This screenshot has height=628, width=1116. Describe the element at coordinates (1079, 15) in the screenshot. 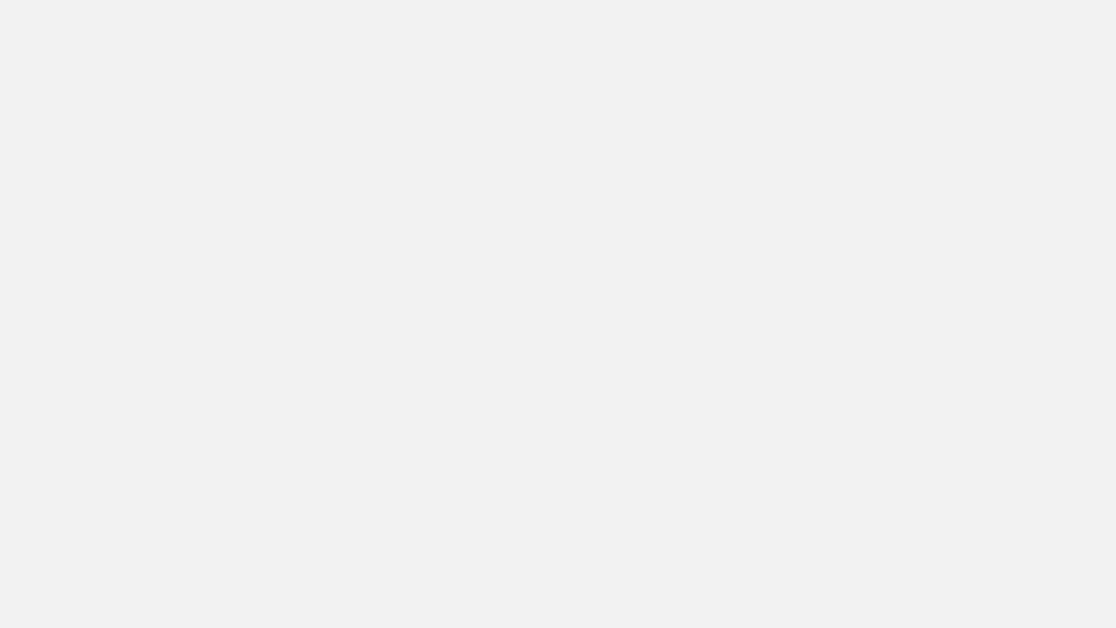

I see `Sign In` at that location.